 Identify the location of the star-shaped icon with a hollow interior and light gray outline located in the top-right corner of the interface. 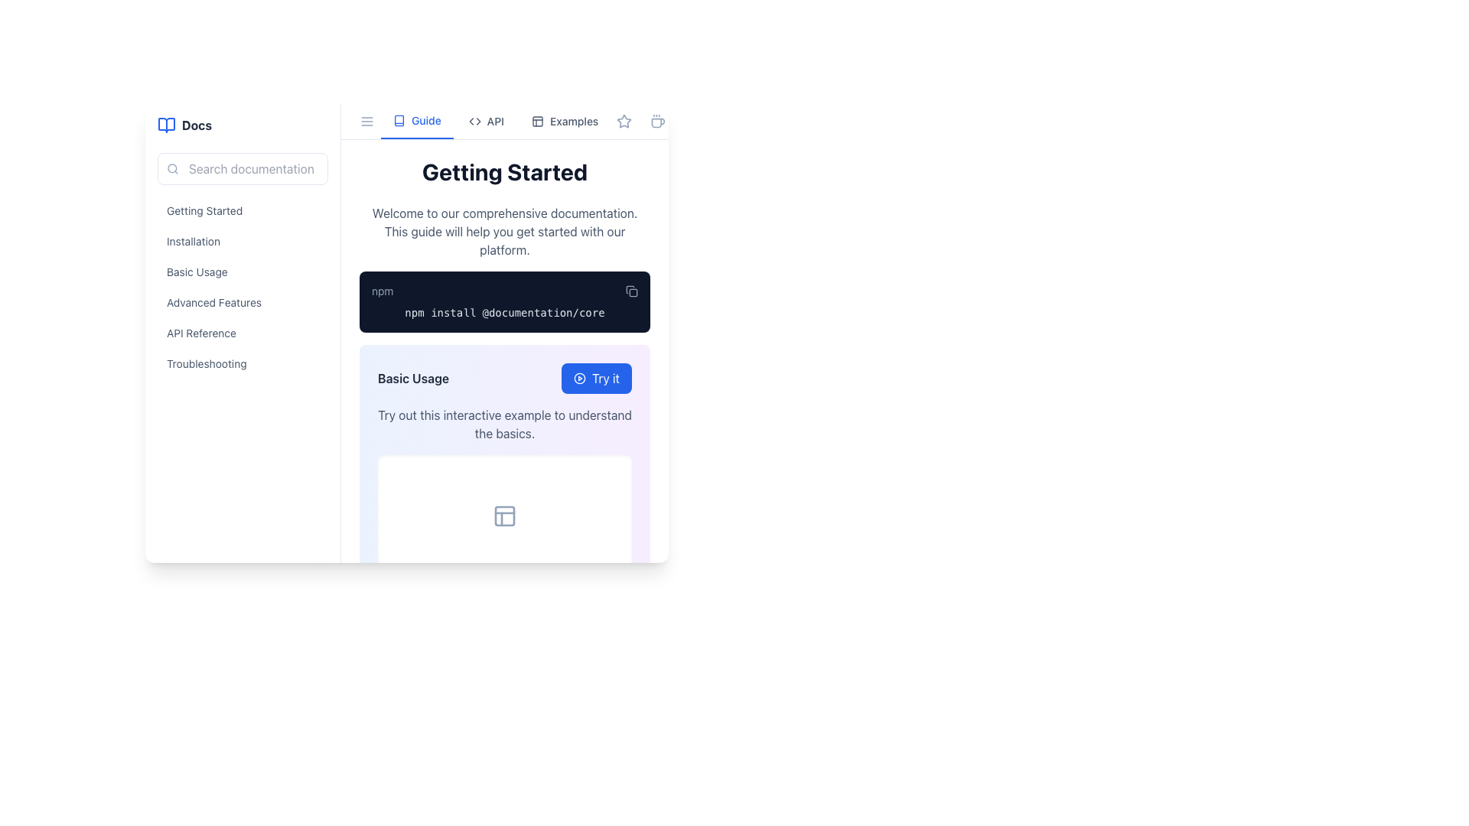
(624, 120).